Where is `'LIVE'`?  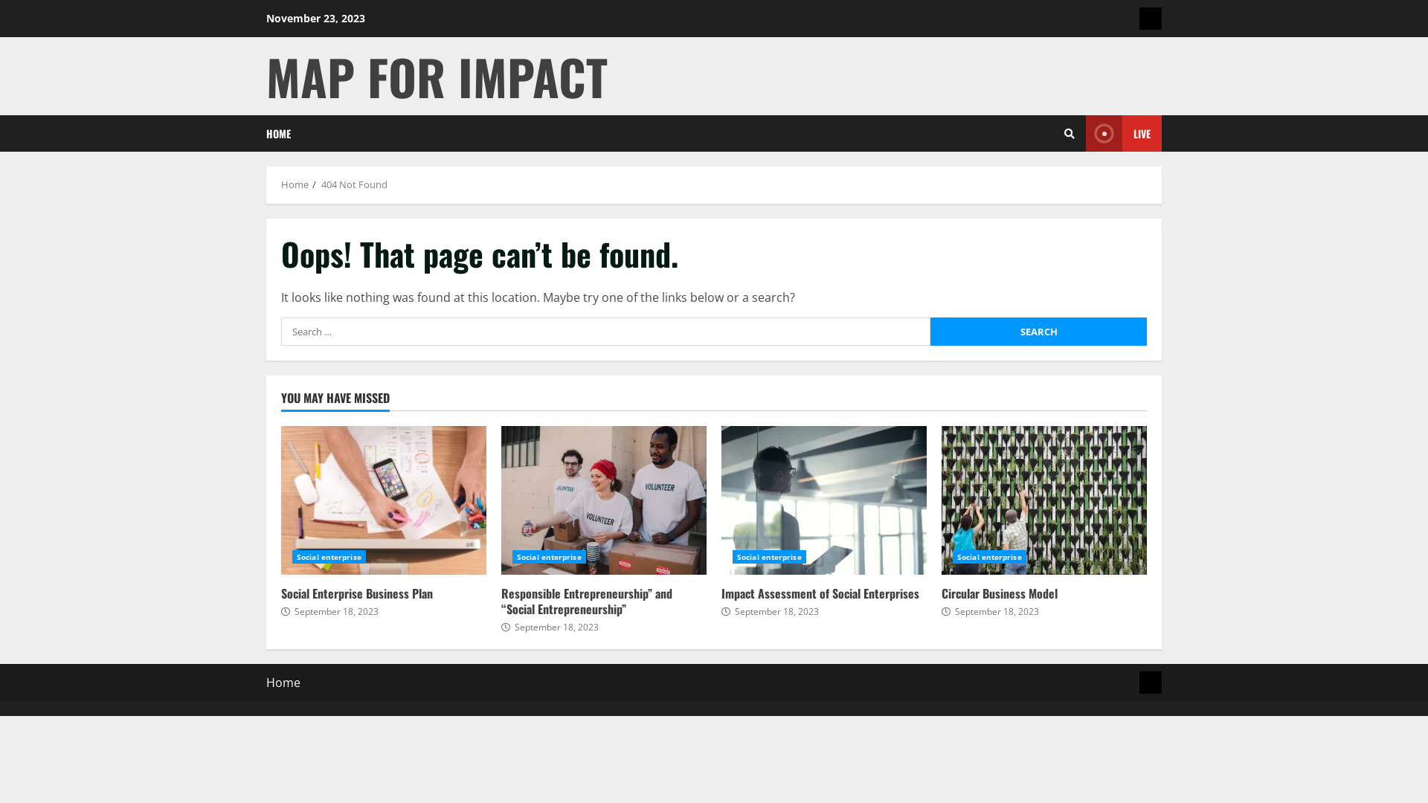 'LIVE' is located at coordinates (1124, 132).